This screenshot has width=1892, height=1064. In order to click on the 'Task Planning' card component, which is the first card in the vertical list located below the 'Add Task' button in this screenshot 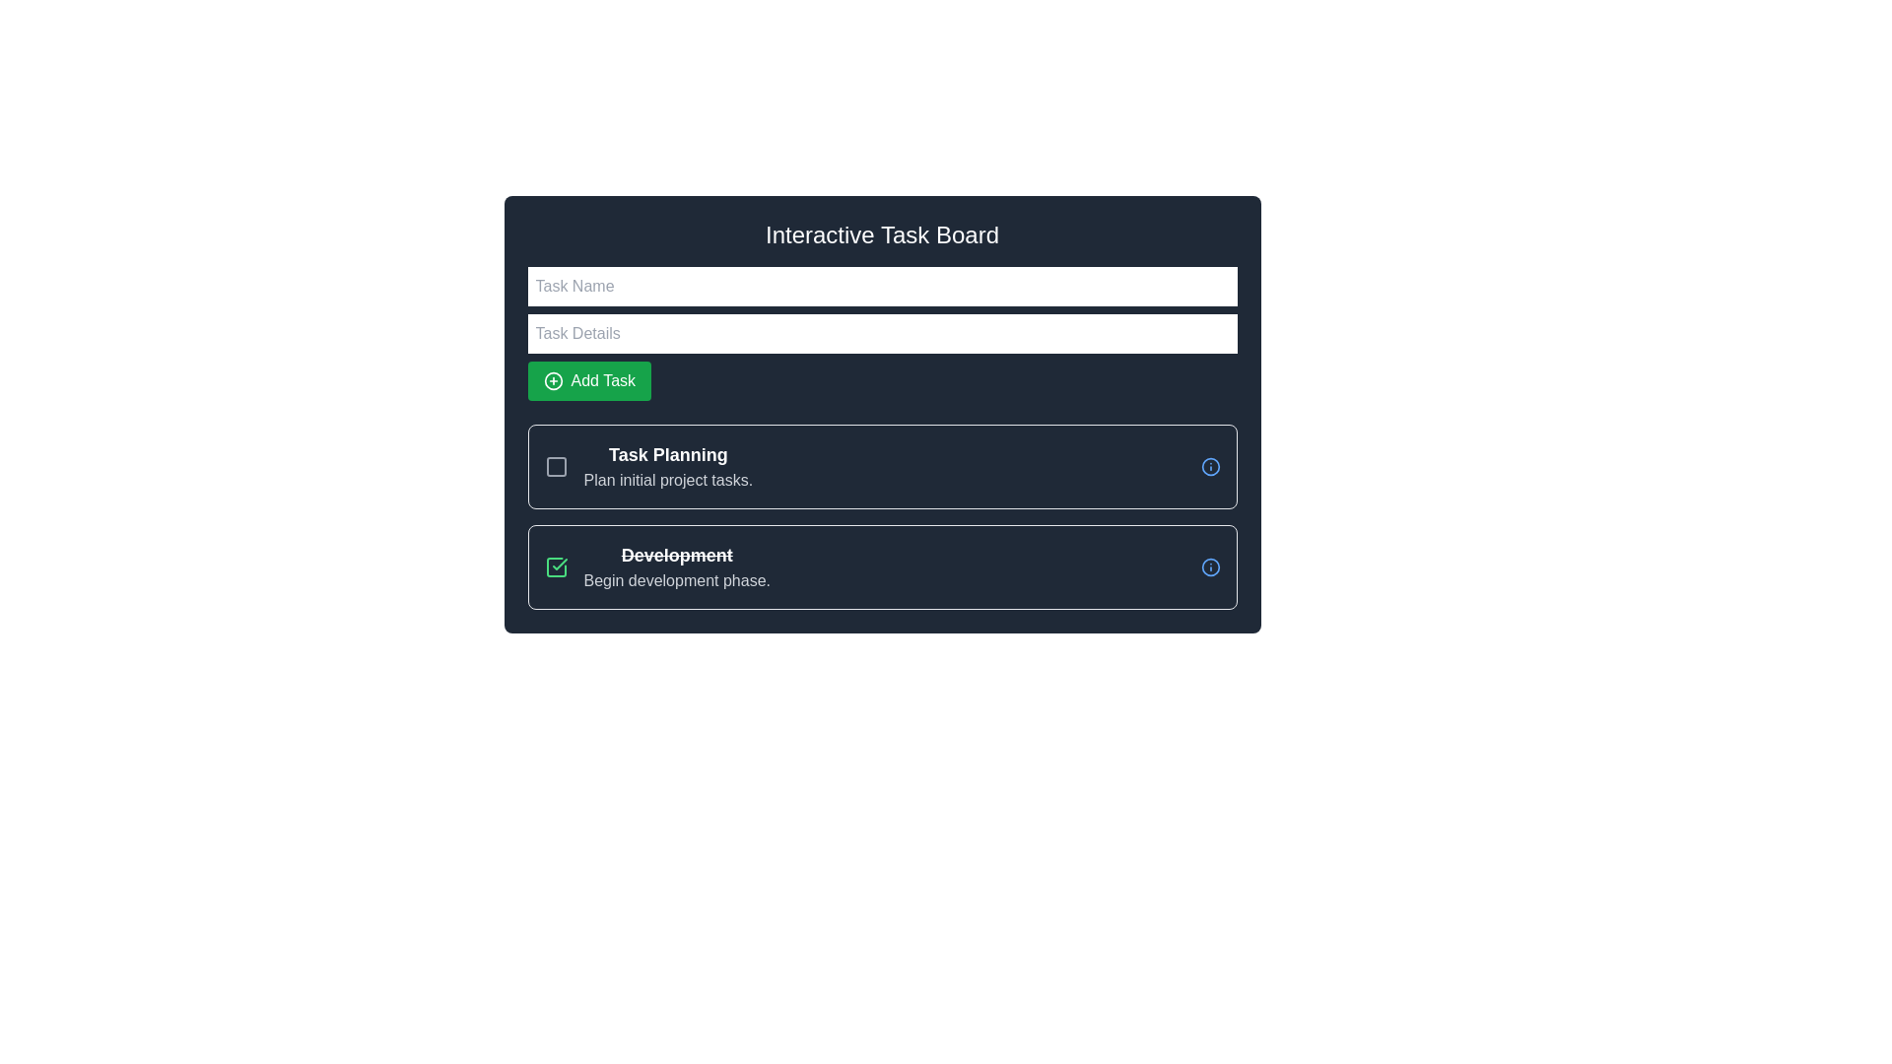, I will do `click(881, 467)`.